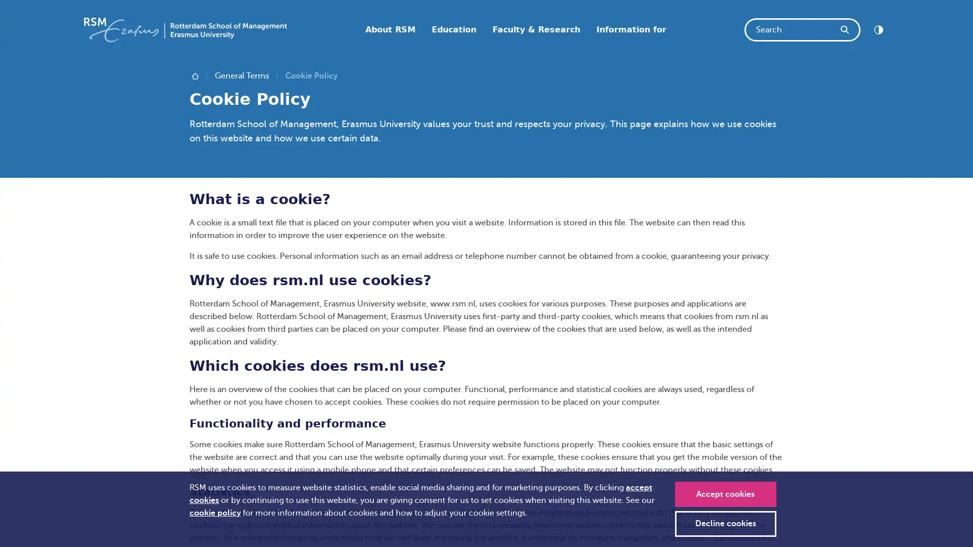 This screenshot has width=973, height=547. I want to click on Click to set high contrast Contrast off, so click(878, 29).